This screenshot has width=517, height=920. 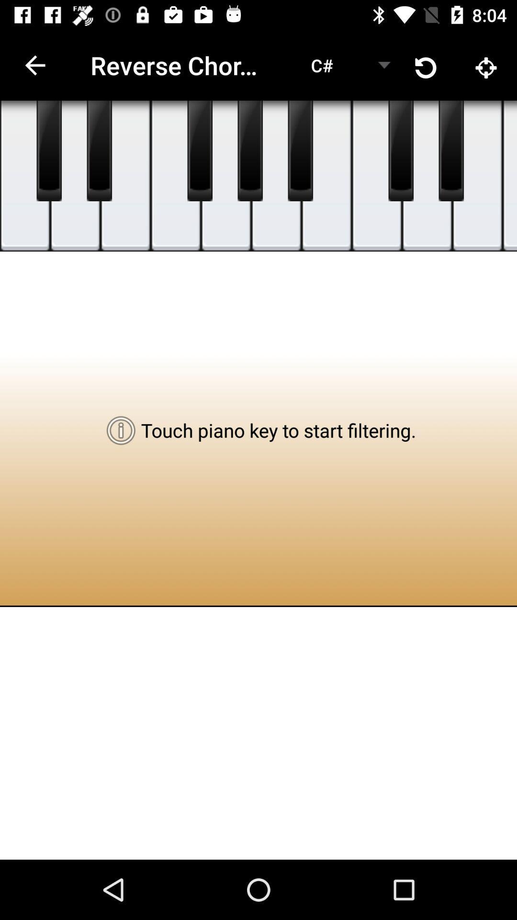 I want to click on music keyboard button, so click(x=477, y=176).